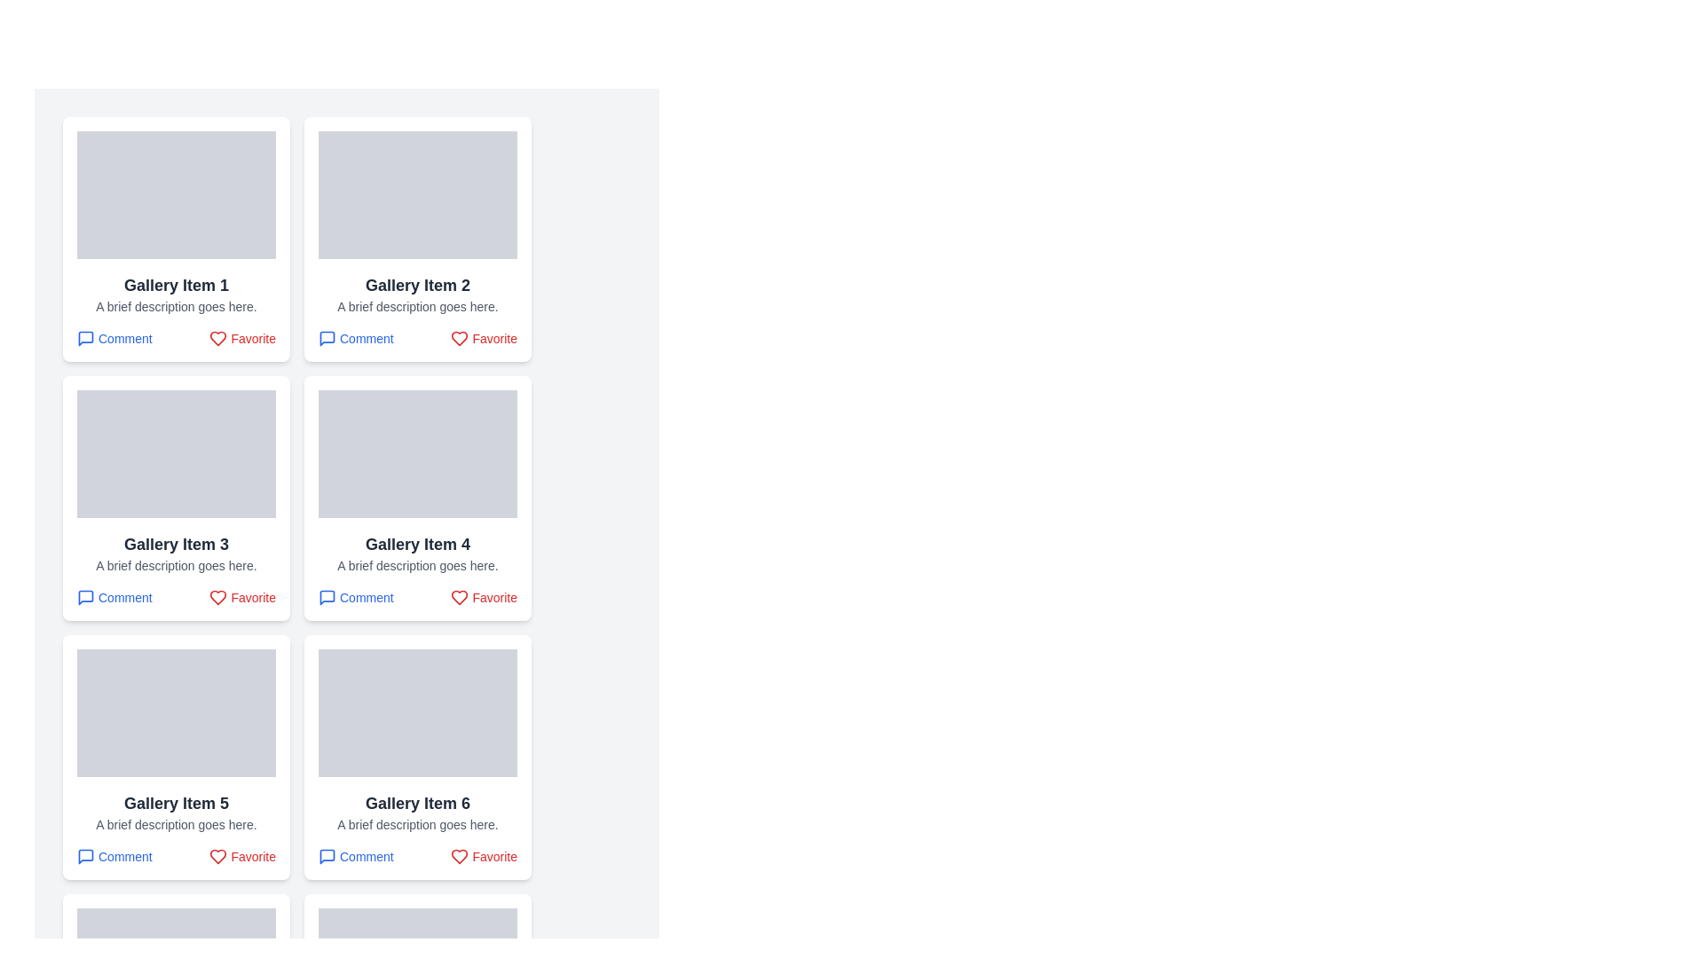 This screenshot has width=1704, height=958. Describe the element at coordinates (114, 855) in the screenshot. I see `the interactive link with an associated icon for the 'Comment' feature located in the lower-left corner of the card labeled 'Gallery Item 5'` at that location.